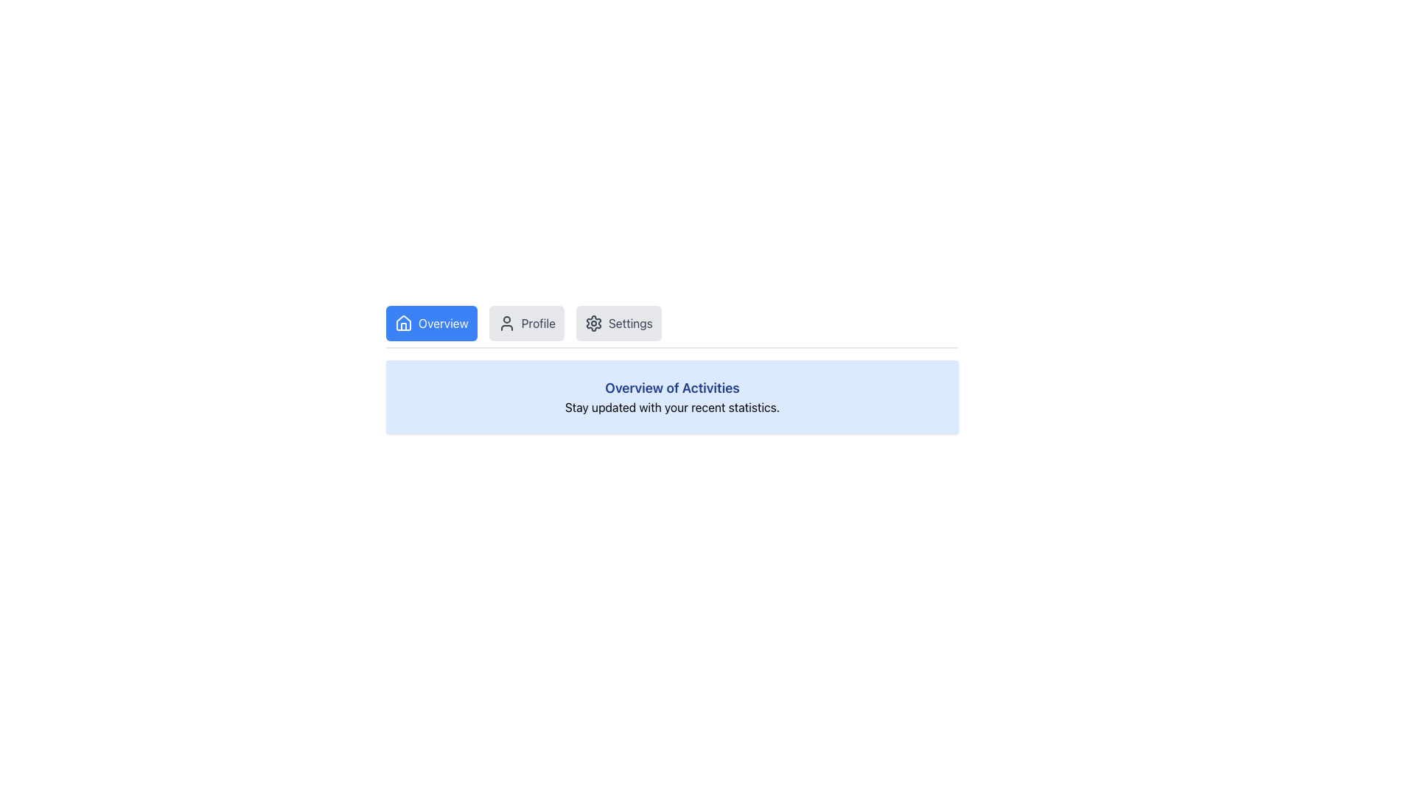 The width and height of the screenshot is (1415, 796). What do you see at coordinates (618, 323) in the screenshot?
I see `the navigation button that redirects to the settings or configuration page, located to the right of the 'Profile' button and far-right of the 'Overview' button` at bounding box center [618, 323].